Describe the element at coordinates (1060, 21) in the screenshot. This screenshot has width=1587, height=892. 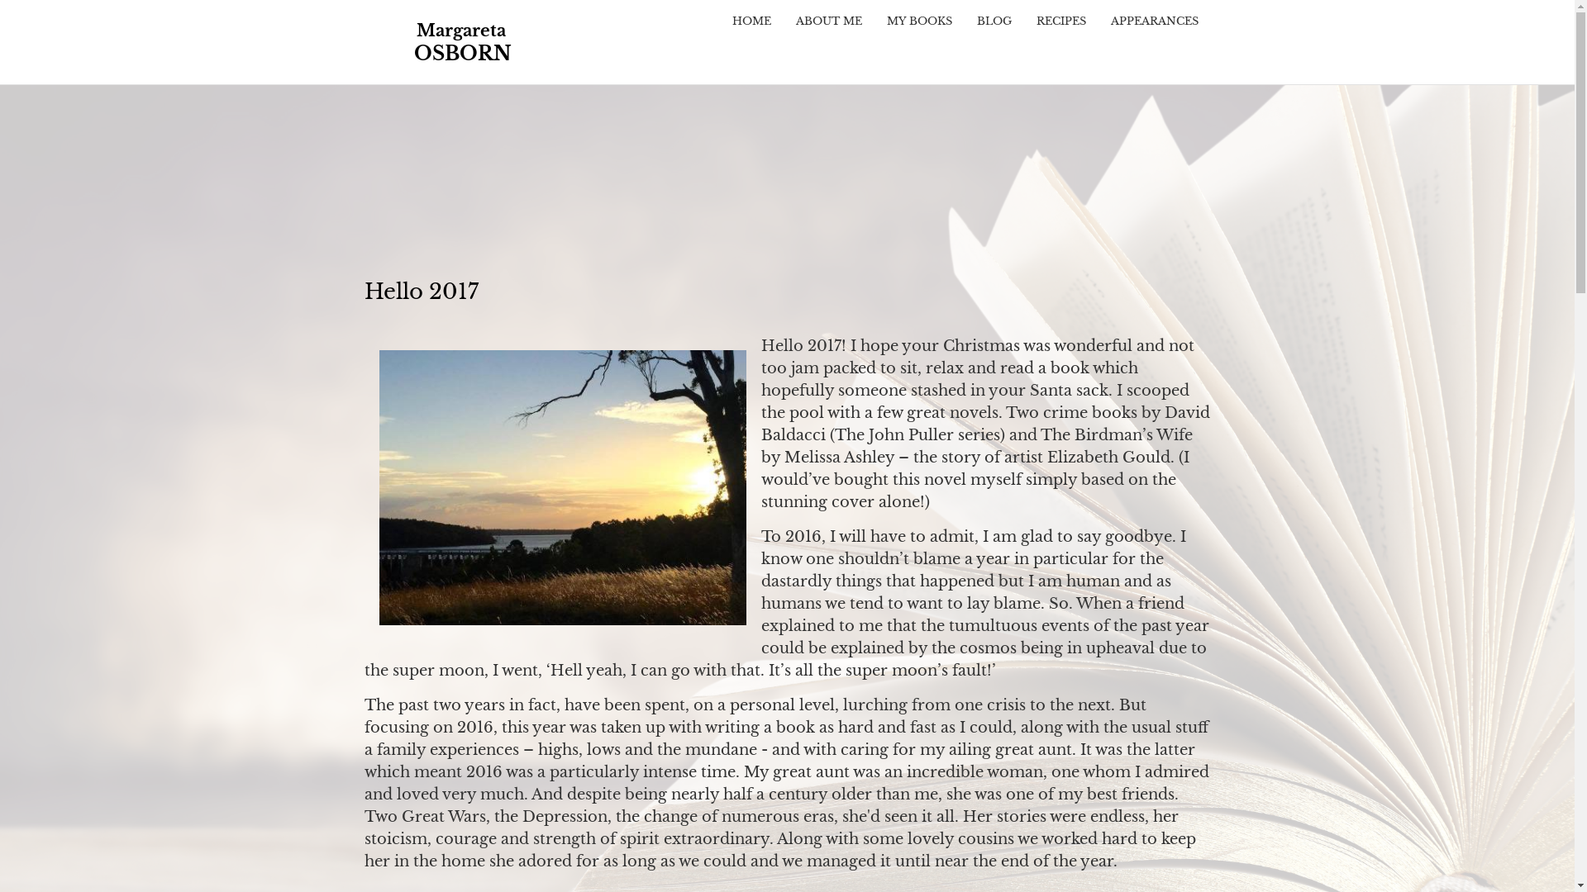
I see `'RECIPES'` at that location.